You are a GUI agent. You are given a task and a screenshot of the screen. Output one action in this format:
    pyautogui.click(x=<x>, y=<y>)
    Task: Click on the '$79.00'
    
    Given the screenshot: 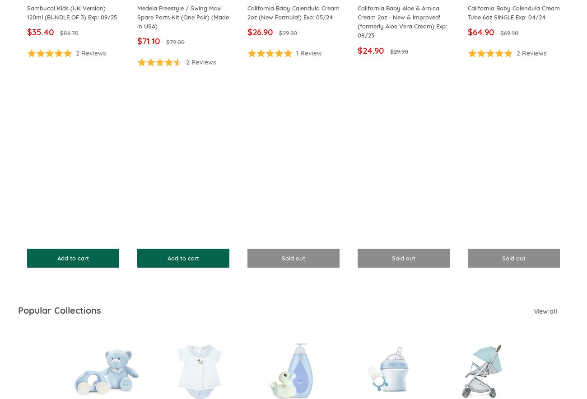 What is the action you would take?
    pyautogui.click(x=166, y=42)
    